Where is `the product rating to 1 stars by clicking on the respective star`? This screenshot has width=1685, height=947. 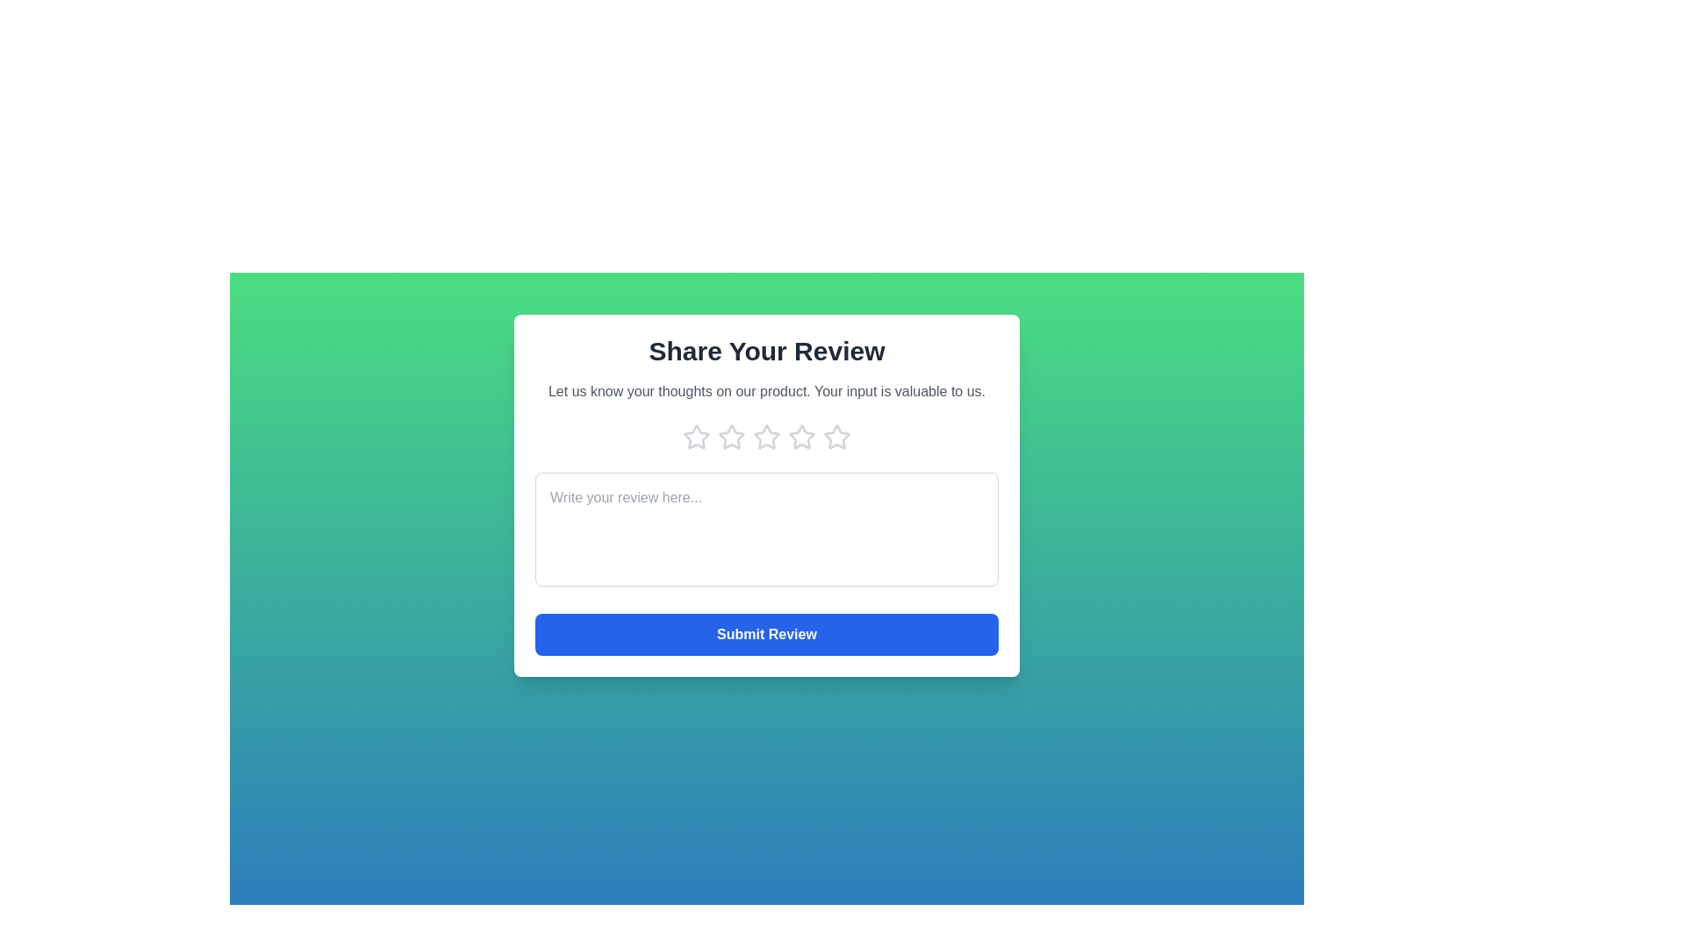
the product rating to 1 stars by clicking on the respective star is located at coordinates (695, 436).